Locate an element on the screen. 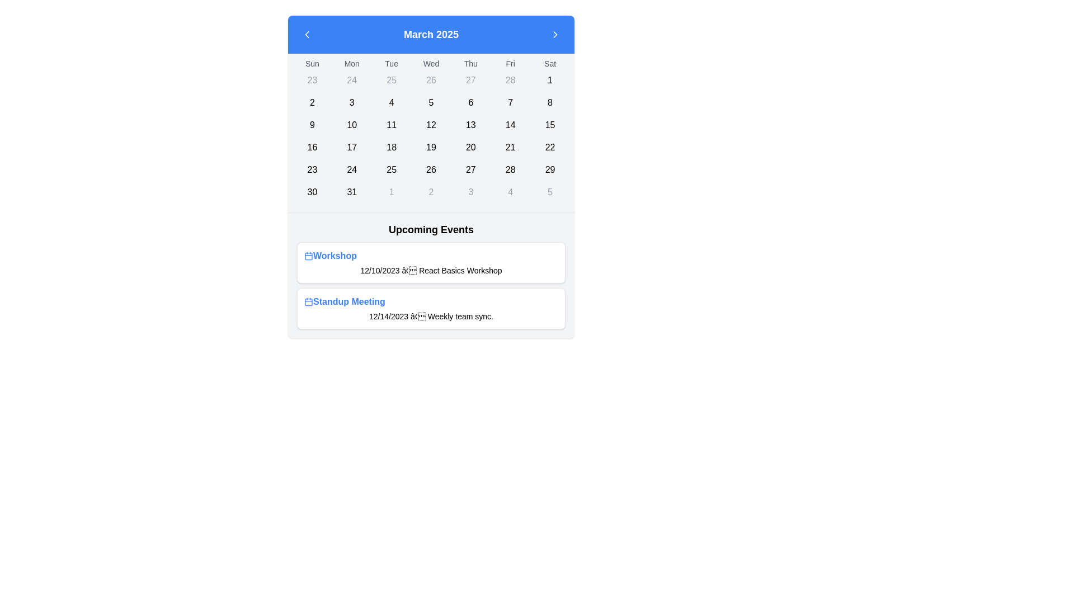  the Banner header at the top of the calendar, which indicates the current month and year is located at coordinates (431, 34).